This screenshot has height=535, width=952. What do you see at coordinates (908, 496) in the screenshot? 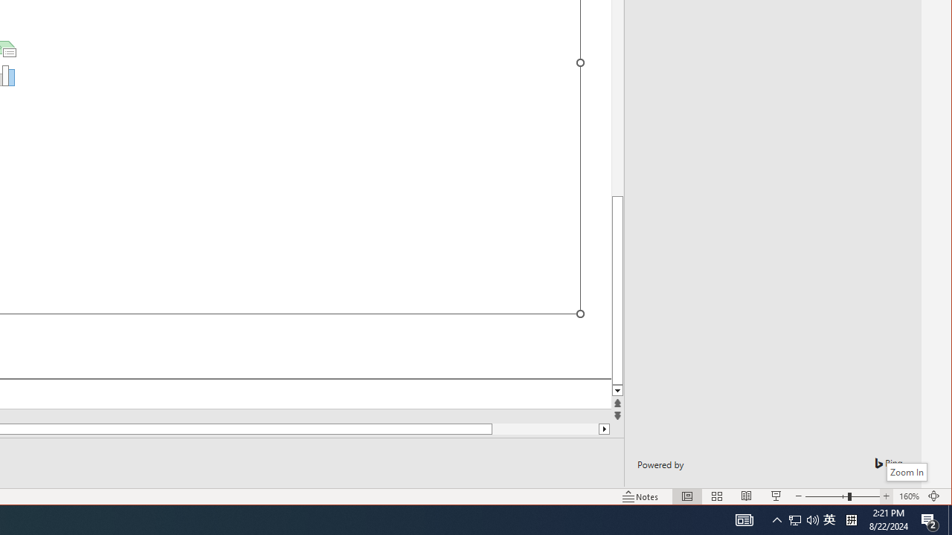
I see `'Q2790: 100%'` at bounding box center [908, 496].